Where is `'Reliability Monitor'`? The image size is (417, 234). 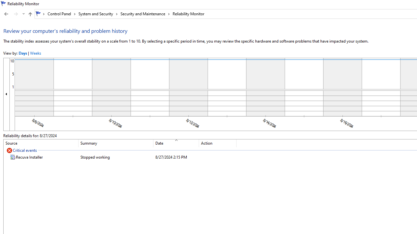 'Reliability Monitor' is located at coordinates (188, 14).